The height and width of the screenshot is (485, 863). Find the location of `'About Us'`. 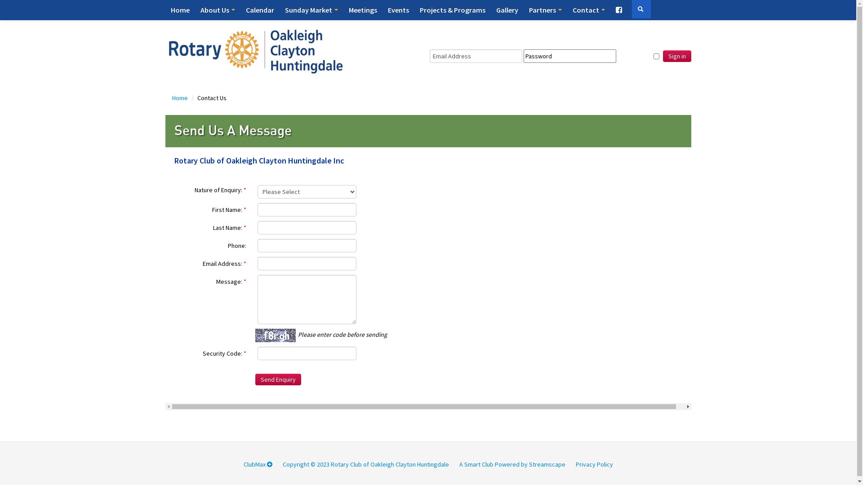

'About Us' is located at coordinates (218, 10).